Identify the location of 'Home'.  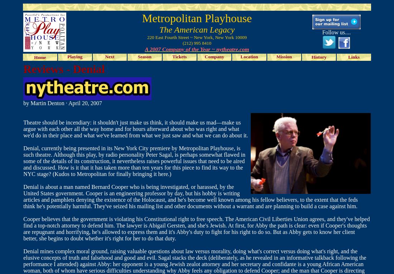
(40, 57).